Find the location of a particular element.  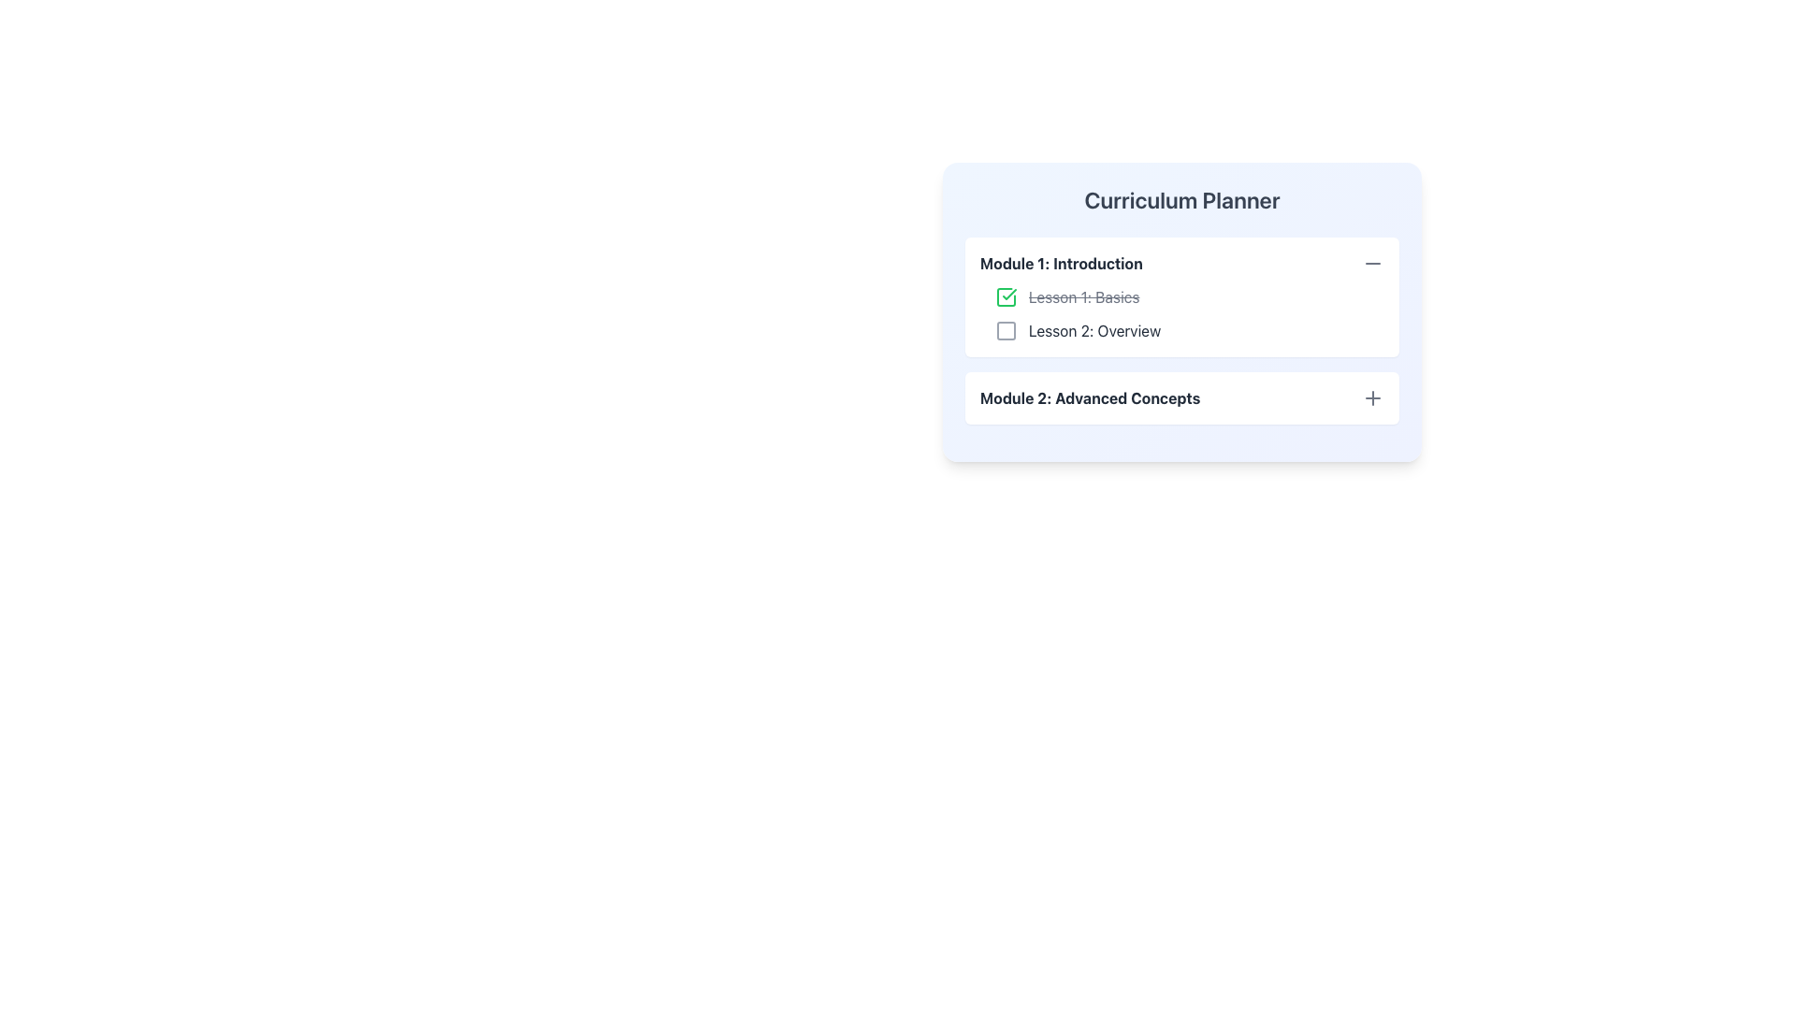

the title text that reads 'Curriculum Planner', which is styled in bold and larger font, located at the top of the panel with a light blue gradient background is located at coordinates (1180, 199).